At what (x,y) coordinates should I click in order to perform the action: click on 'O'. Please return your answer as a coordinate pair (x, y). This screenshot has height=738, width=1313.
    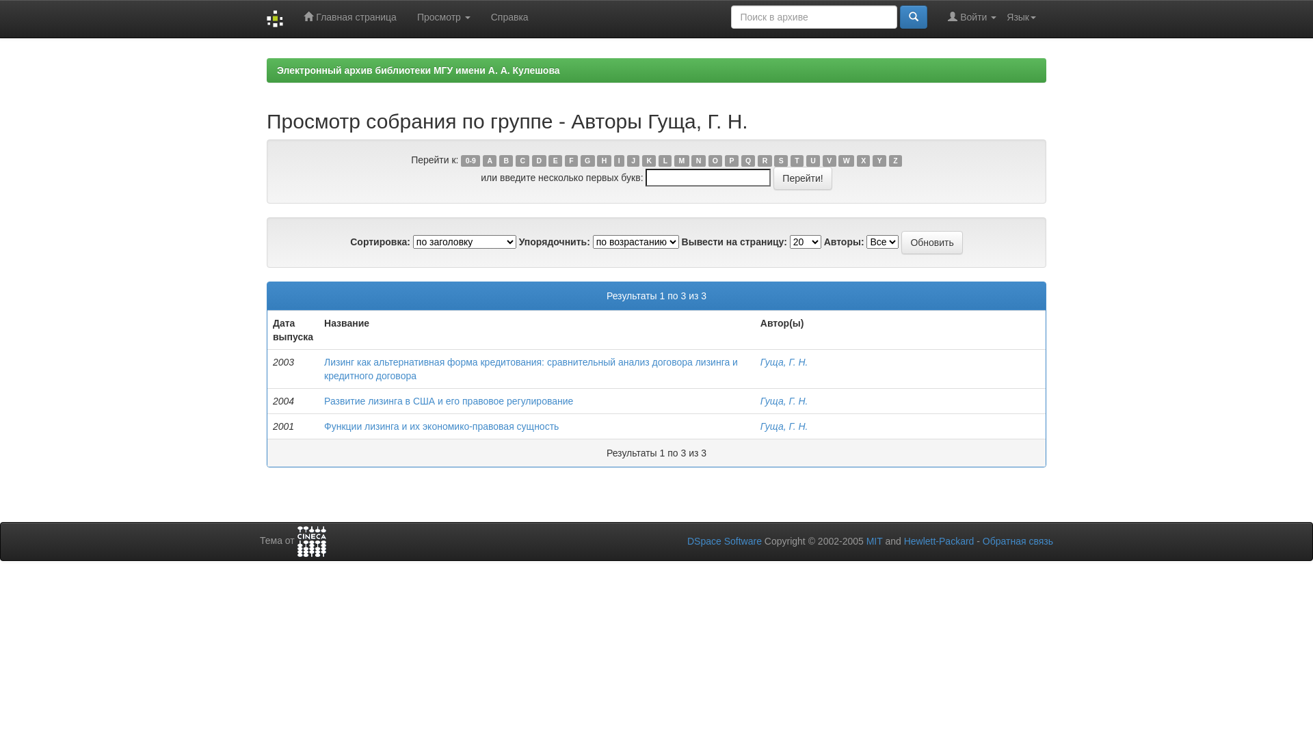
    Looking at the image, I should click on (708, 160).